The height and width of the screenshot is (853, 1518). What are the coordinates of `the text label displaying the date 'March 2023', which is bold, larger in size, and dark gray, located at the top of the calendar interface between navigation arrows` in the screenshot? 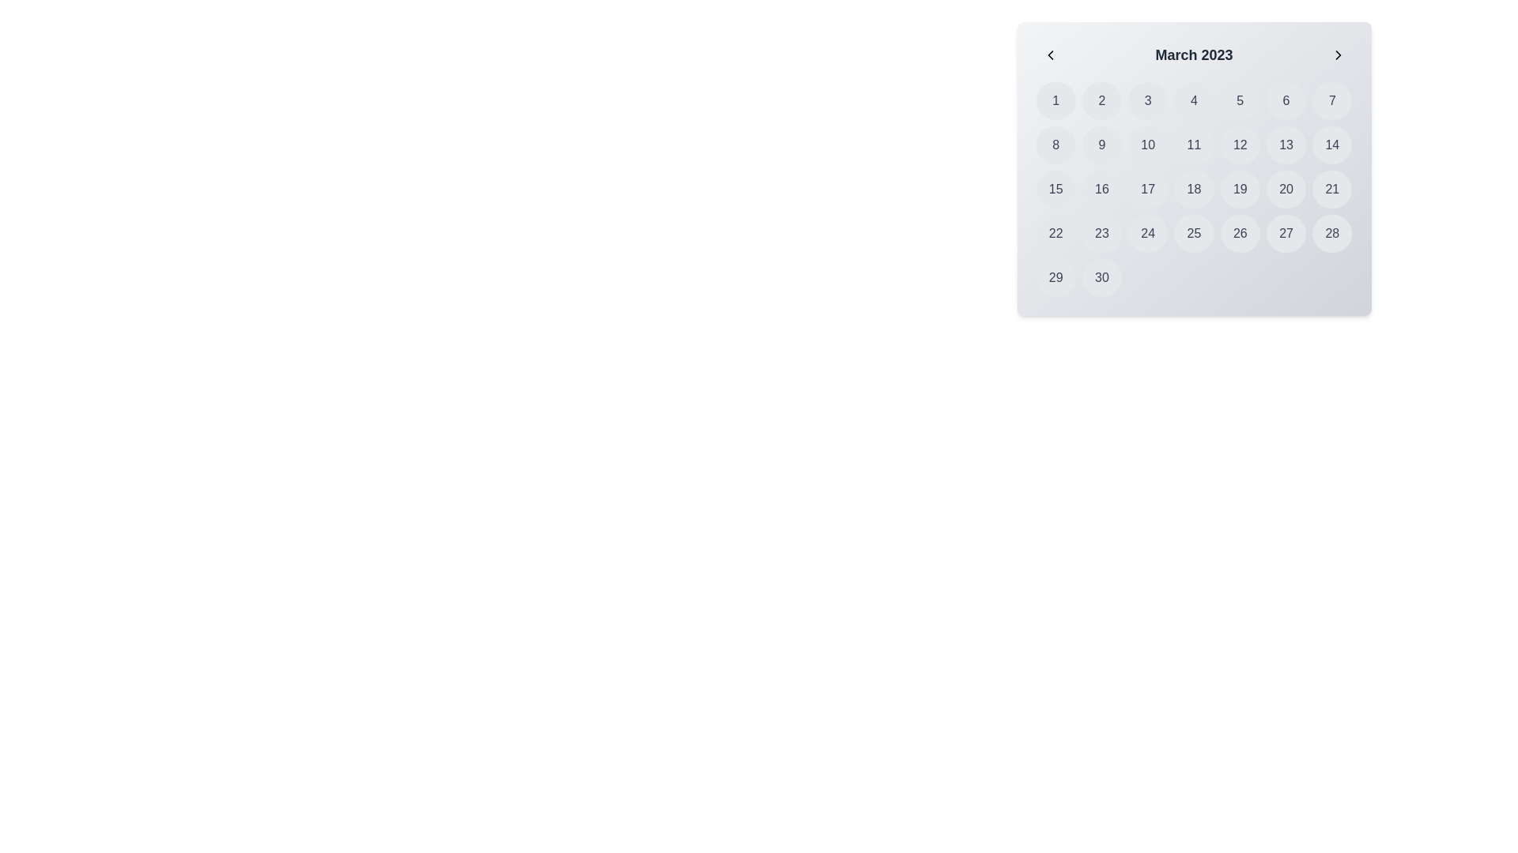 It's located at (1194, 54).